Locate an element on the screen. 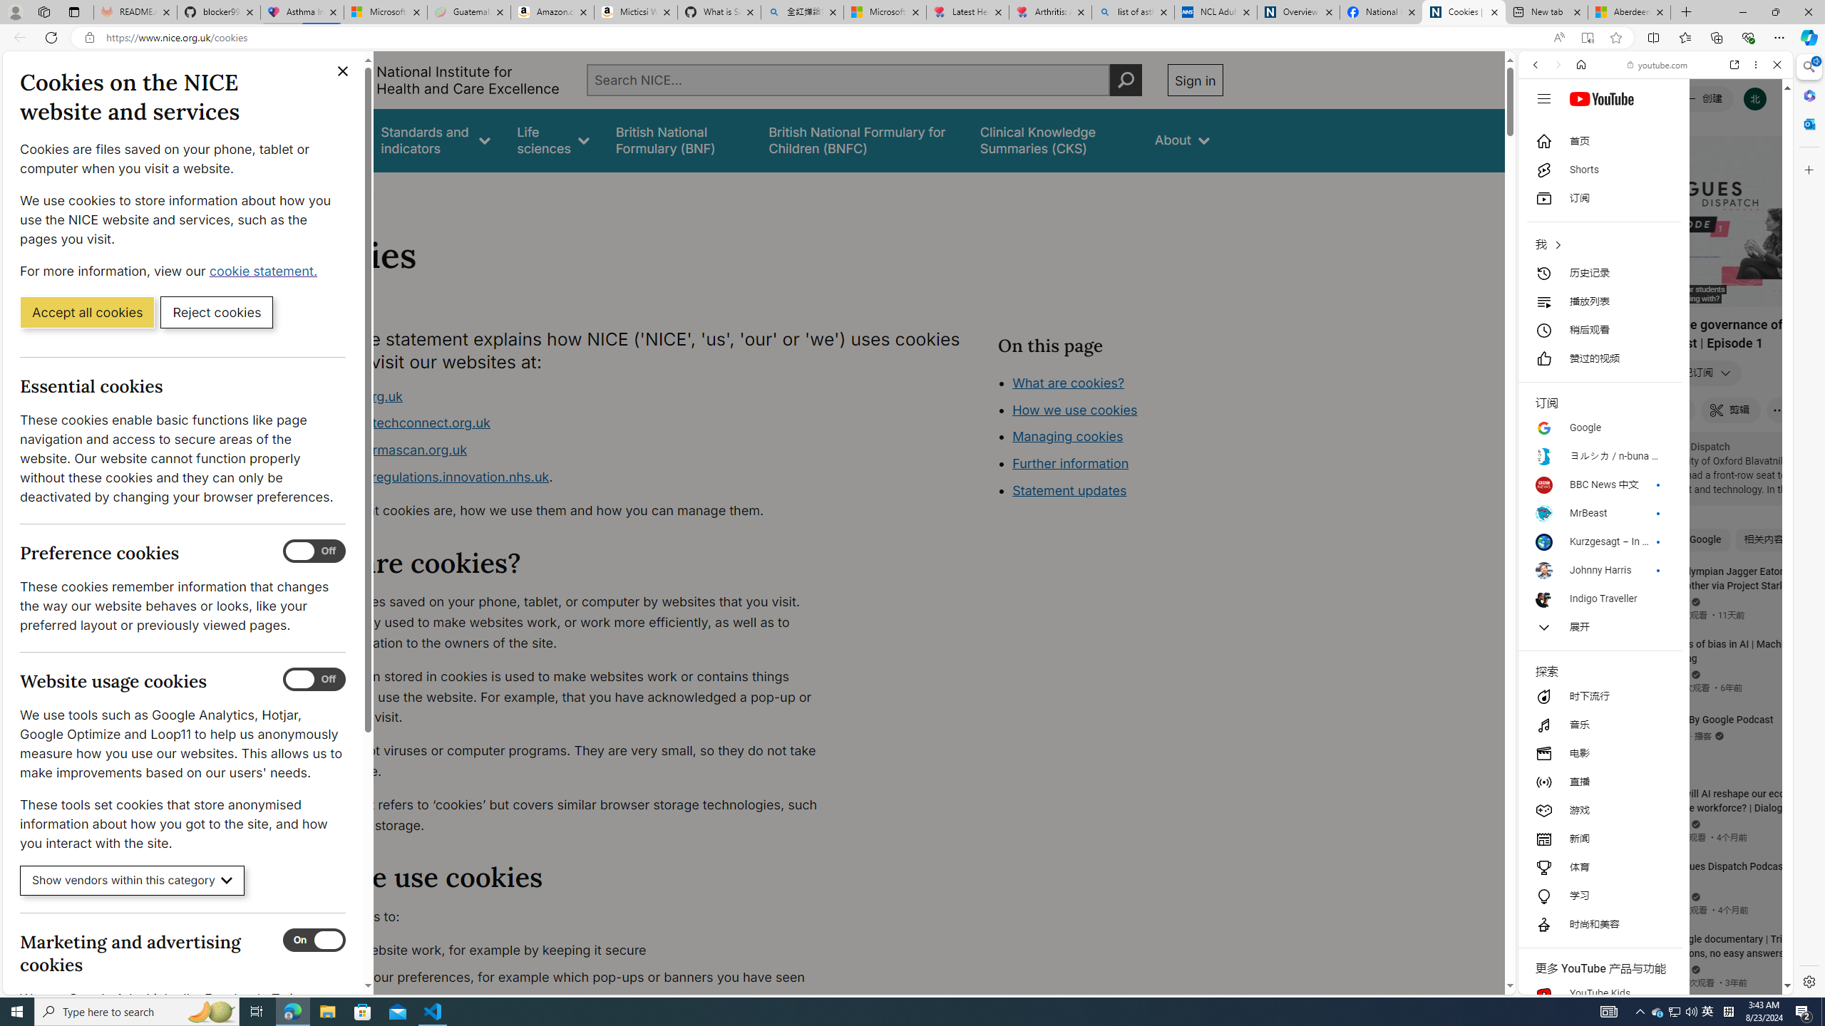  'Guidance' is located at coordinates (326, 140).